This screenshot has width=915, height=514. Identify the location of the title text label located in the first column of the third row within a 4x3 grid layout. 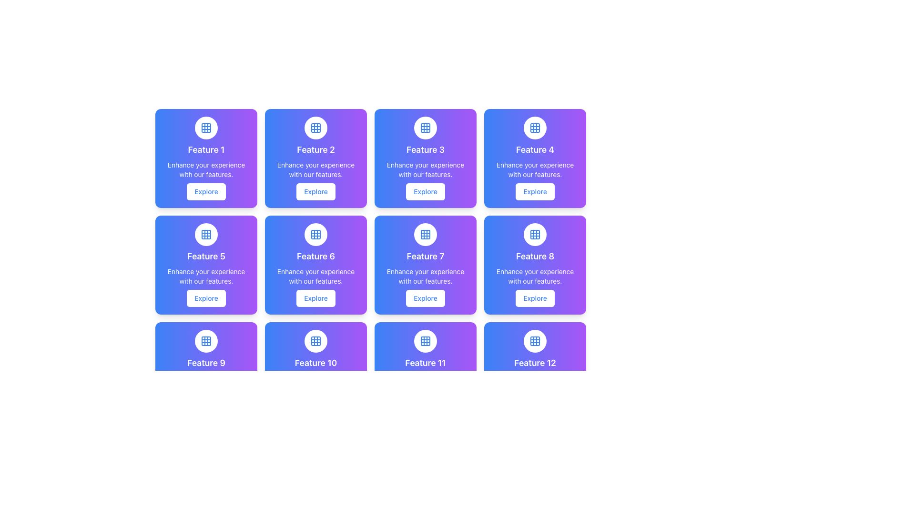
(205, 363).